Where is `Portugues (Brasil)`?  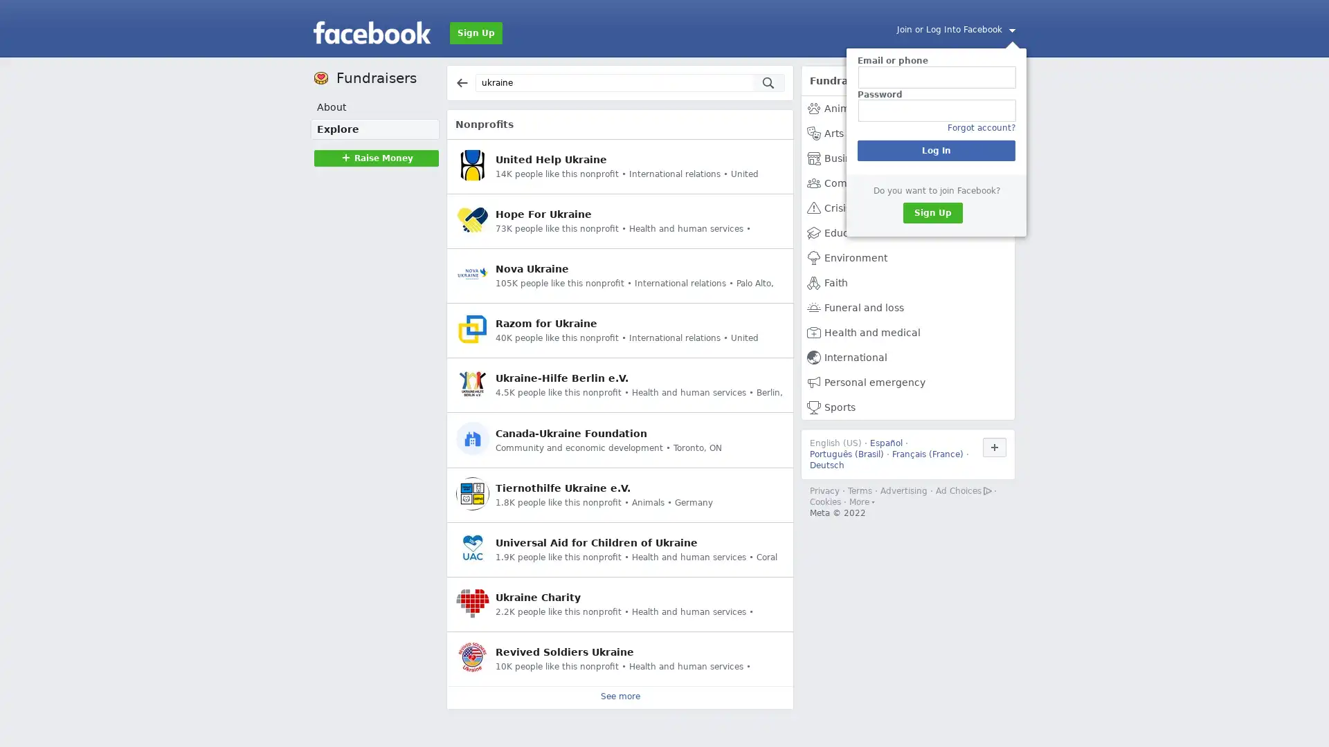
Portugues (Brasil) is located at coordinates (846, 454).